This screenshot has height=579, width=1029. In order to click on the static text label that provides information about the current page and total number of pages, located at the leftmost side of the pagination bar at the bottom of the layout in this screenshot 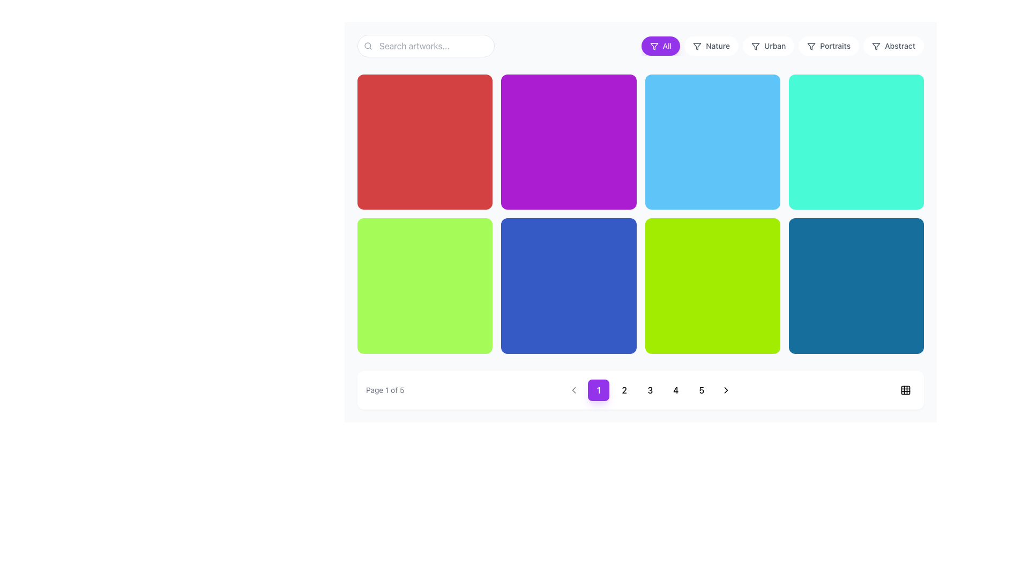, I will do `click(385, 390)`.